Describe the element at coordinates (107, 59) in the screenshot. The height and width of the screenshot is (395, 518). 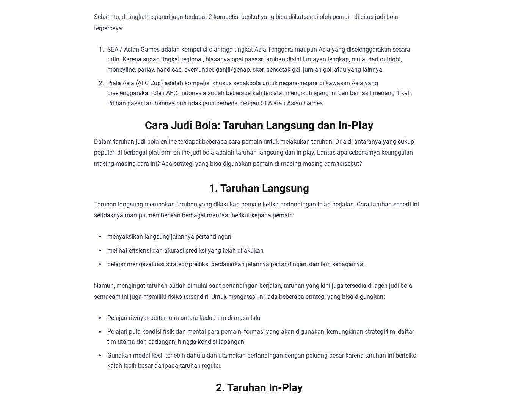
I see `'SEA / Asian Games adalah kompetisi olahraga tingkat Asia Tenggara maupun Asia yang diselenggarakan secara rutin. Karena sudah tingkat regional, biasanya opsi pasasr taruhan disini lumayan lengkap, mulai dari outright, moneyline, parlay, handicap, over/under, ganjil/genap, skor, pencetak gol, jumlah gol, atau yang lainnya.'` at that location.